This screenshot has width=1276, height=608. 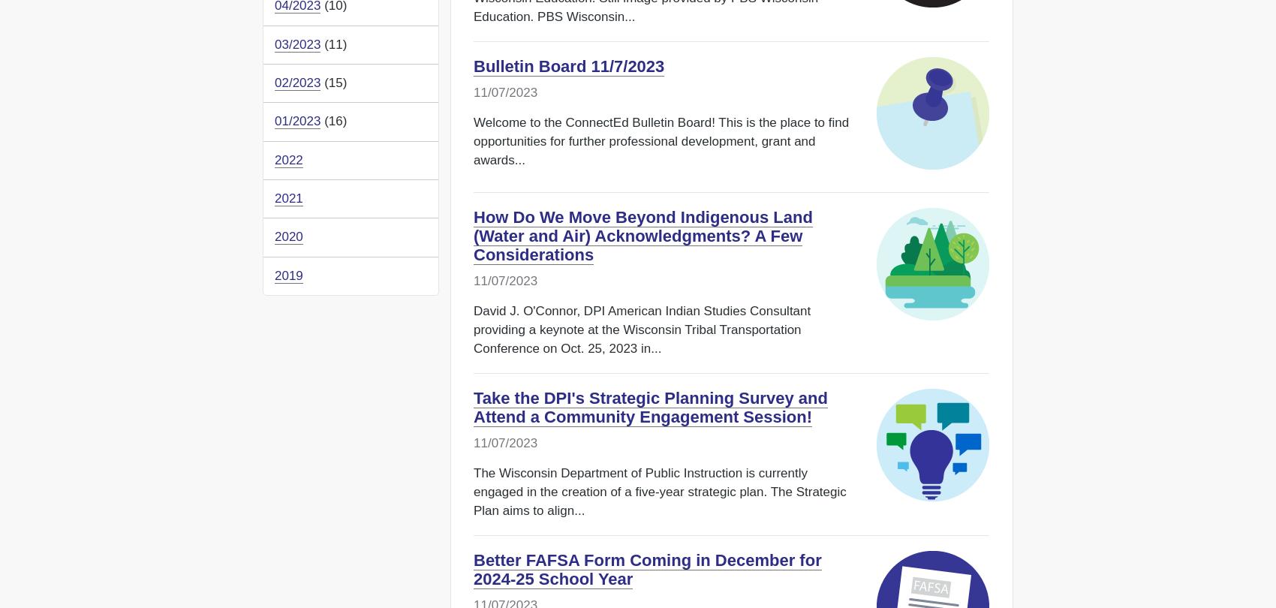 I want to click on '(15)', so click(x=333, y=82).